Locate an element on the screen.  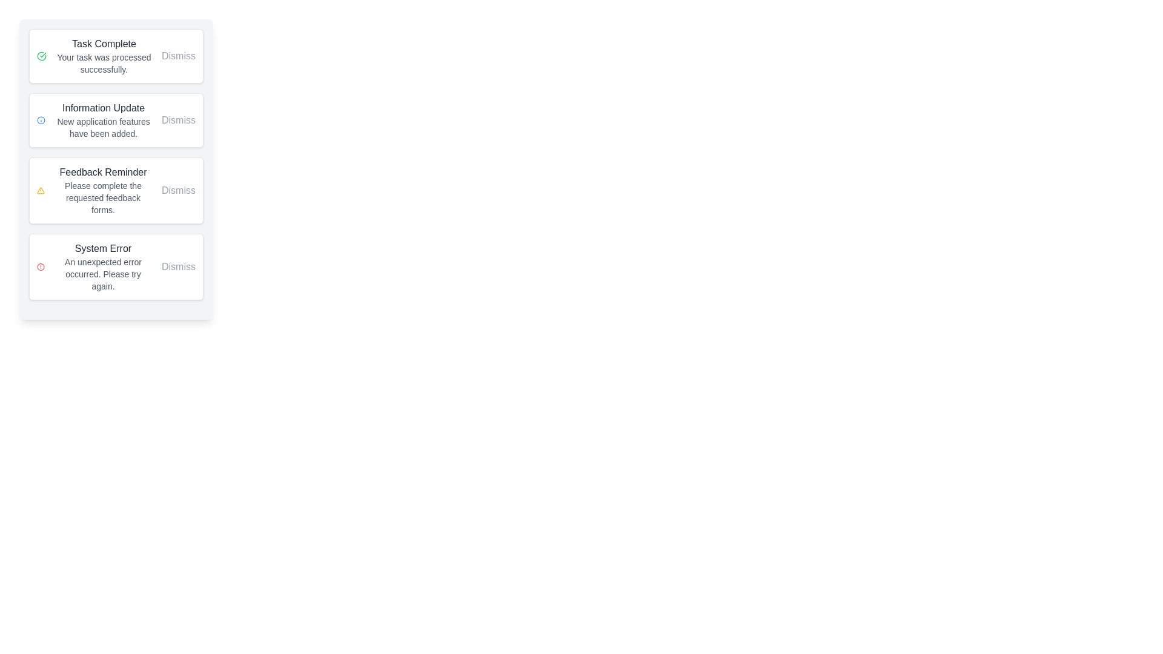
the circular outline of the SVG icon in the 'System Error' notification card, which is the fourth card from the top is located at coordinates (41, 266).